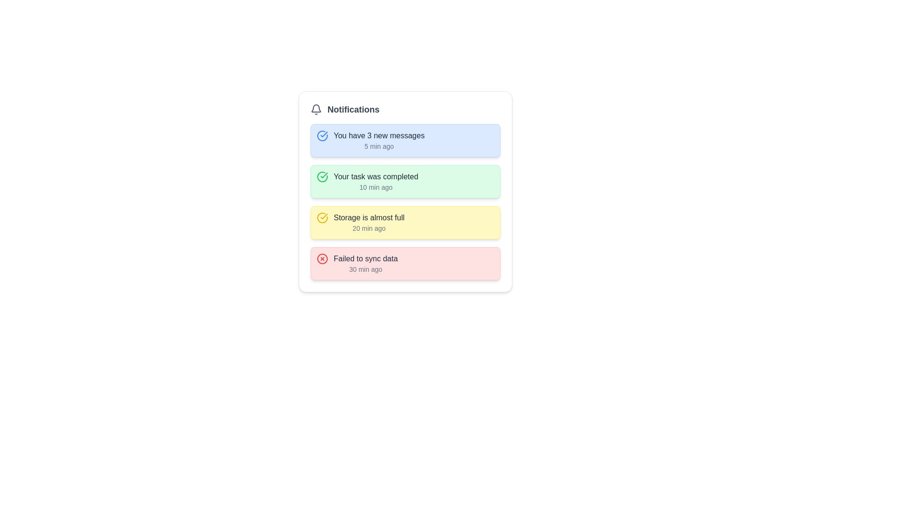  What do you see at coordinates (322, 217) in the screenshot?
I see `the yellow notification icon with a circular checkmark that indicates the storage status, located to the left of the text 'Storage is almost full'` at bounding box center [322, 217].